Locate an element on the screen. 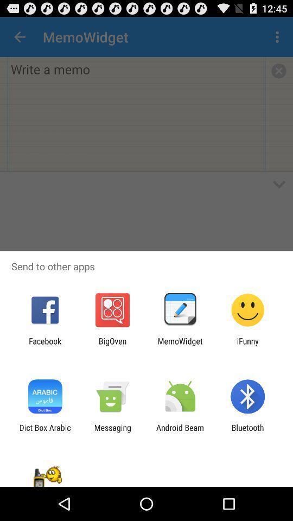 The width and height of the screenshot is (293, 521). the icon next to bigoven icon is located at coordinates (44, 345).